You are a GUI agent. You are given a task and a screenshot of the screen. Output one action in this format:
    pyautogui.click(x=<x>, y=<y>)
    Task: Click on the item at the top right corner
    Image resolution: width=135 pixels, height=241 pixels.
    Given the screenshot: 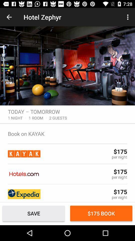 What is the action you would take?
    pyautogui.click(x=128, y=17)
    